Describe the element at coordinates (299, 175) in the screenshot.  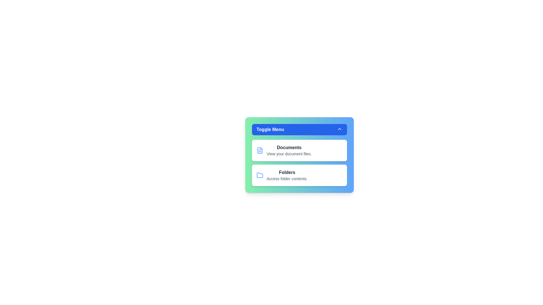
I see `the menu item Folders to observe its hover effect` at that location.